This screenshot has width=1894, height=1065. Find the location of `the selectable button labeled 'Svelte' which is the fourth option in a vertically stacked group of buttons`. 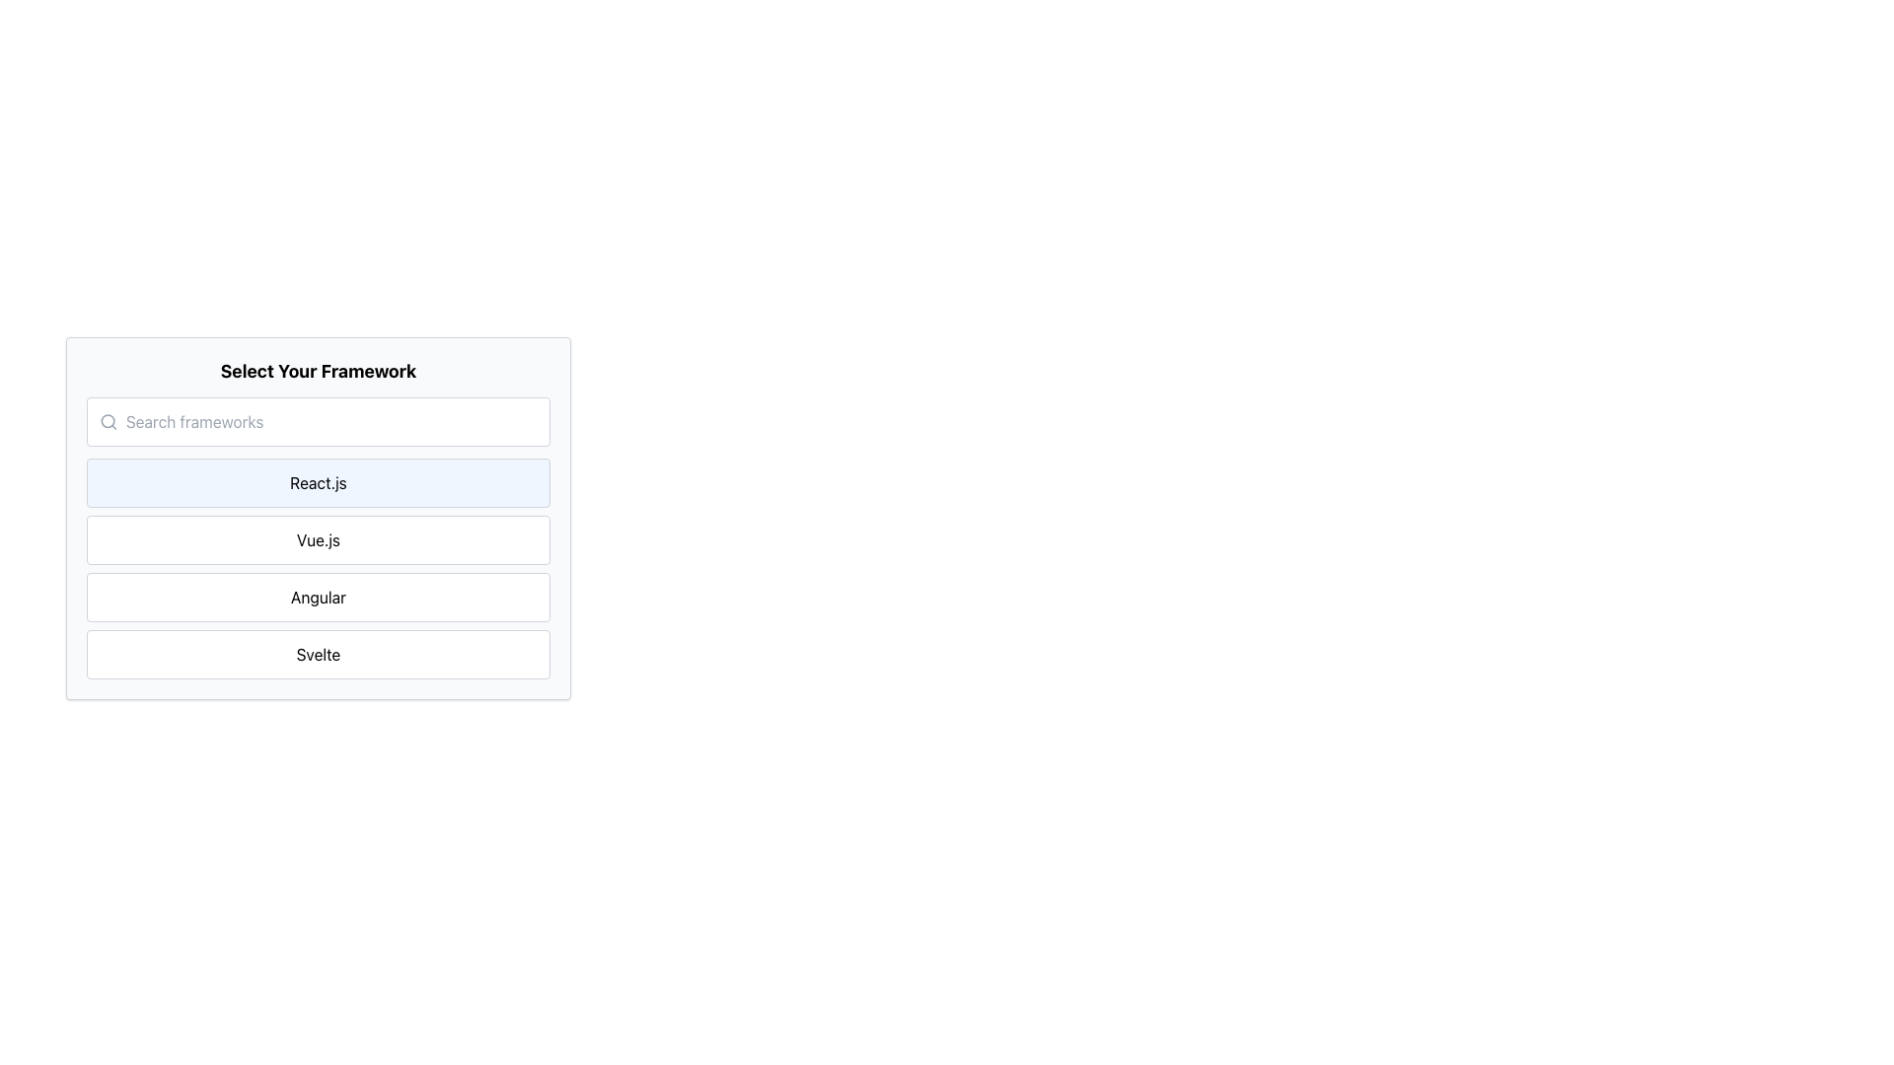

the selectable button labeled 'Svelte' which is the fourth option in a vertically stacked group of buttons is located at coordinates (318, 654).